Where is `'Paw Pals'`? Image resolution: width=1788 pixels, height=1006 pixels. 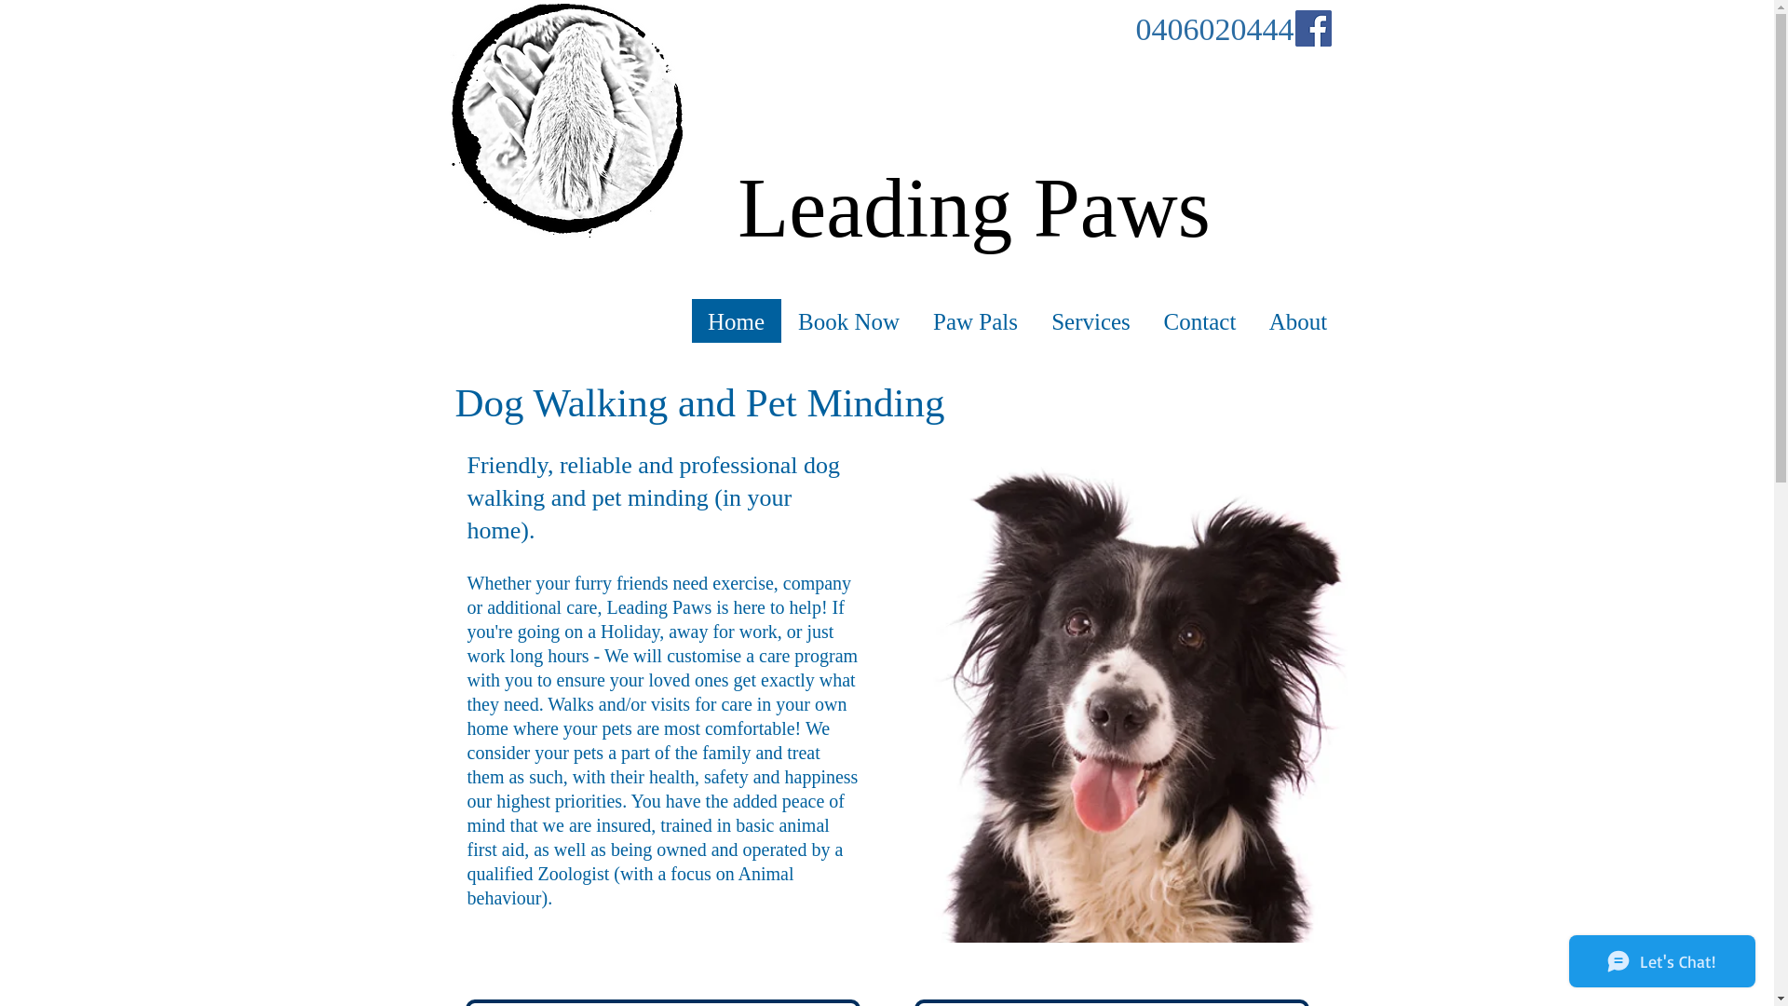
'Paw Pals' is located at coordinates (974, 320).